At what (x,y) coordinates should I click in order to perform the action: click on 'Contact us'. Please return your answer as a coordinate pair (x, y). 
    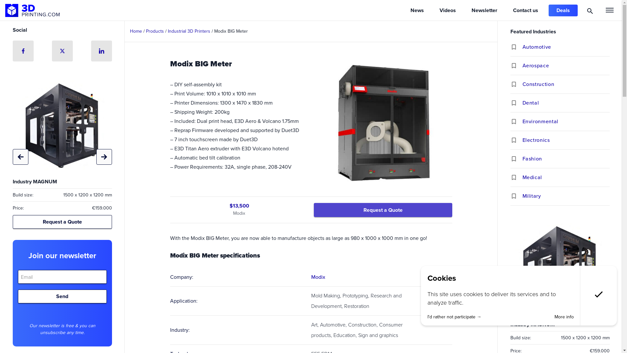
    Looking at the image, I should click on (525, 10).